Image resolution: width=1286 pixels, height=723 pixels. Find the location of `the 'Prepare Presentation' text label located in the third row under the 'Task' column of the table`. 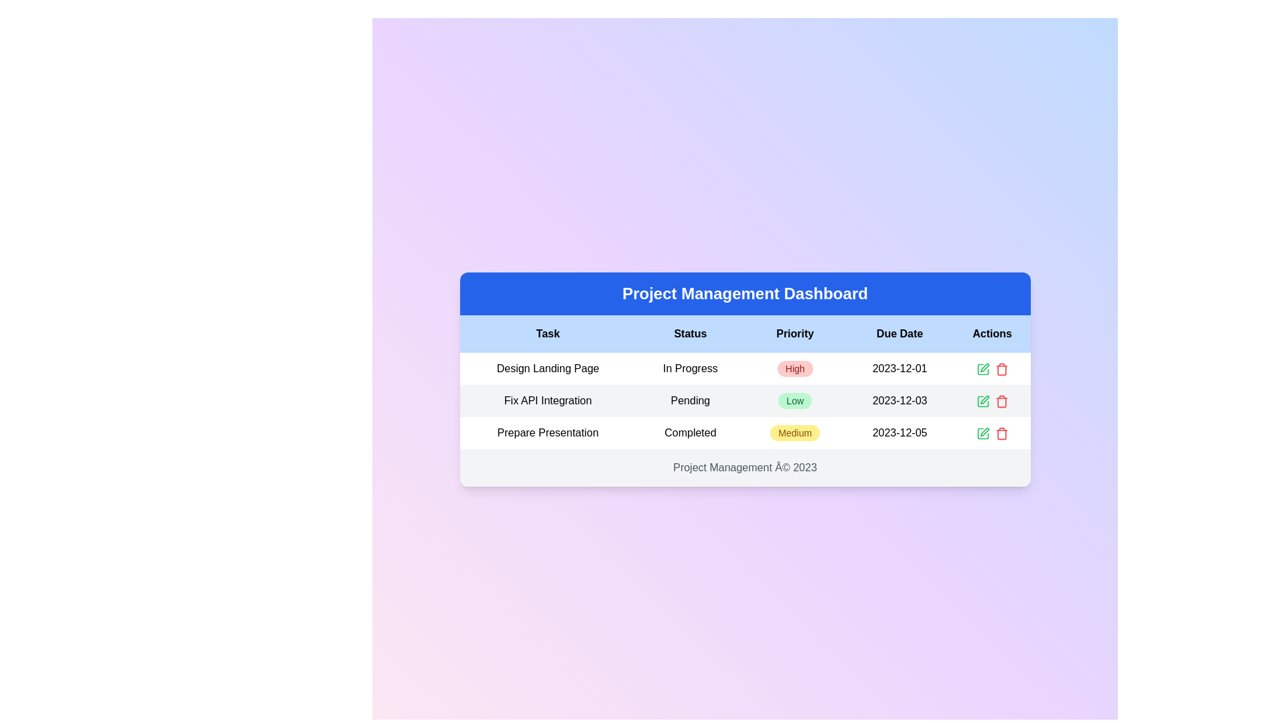

the 'Prepare Presentation' text label located in the third row under the 'Task' column of the table is located at coordinates (548, 433).